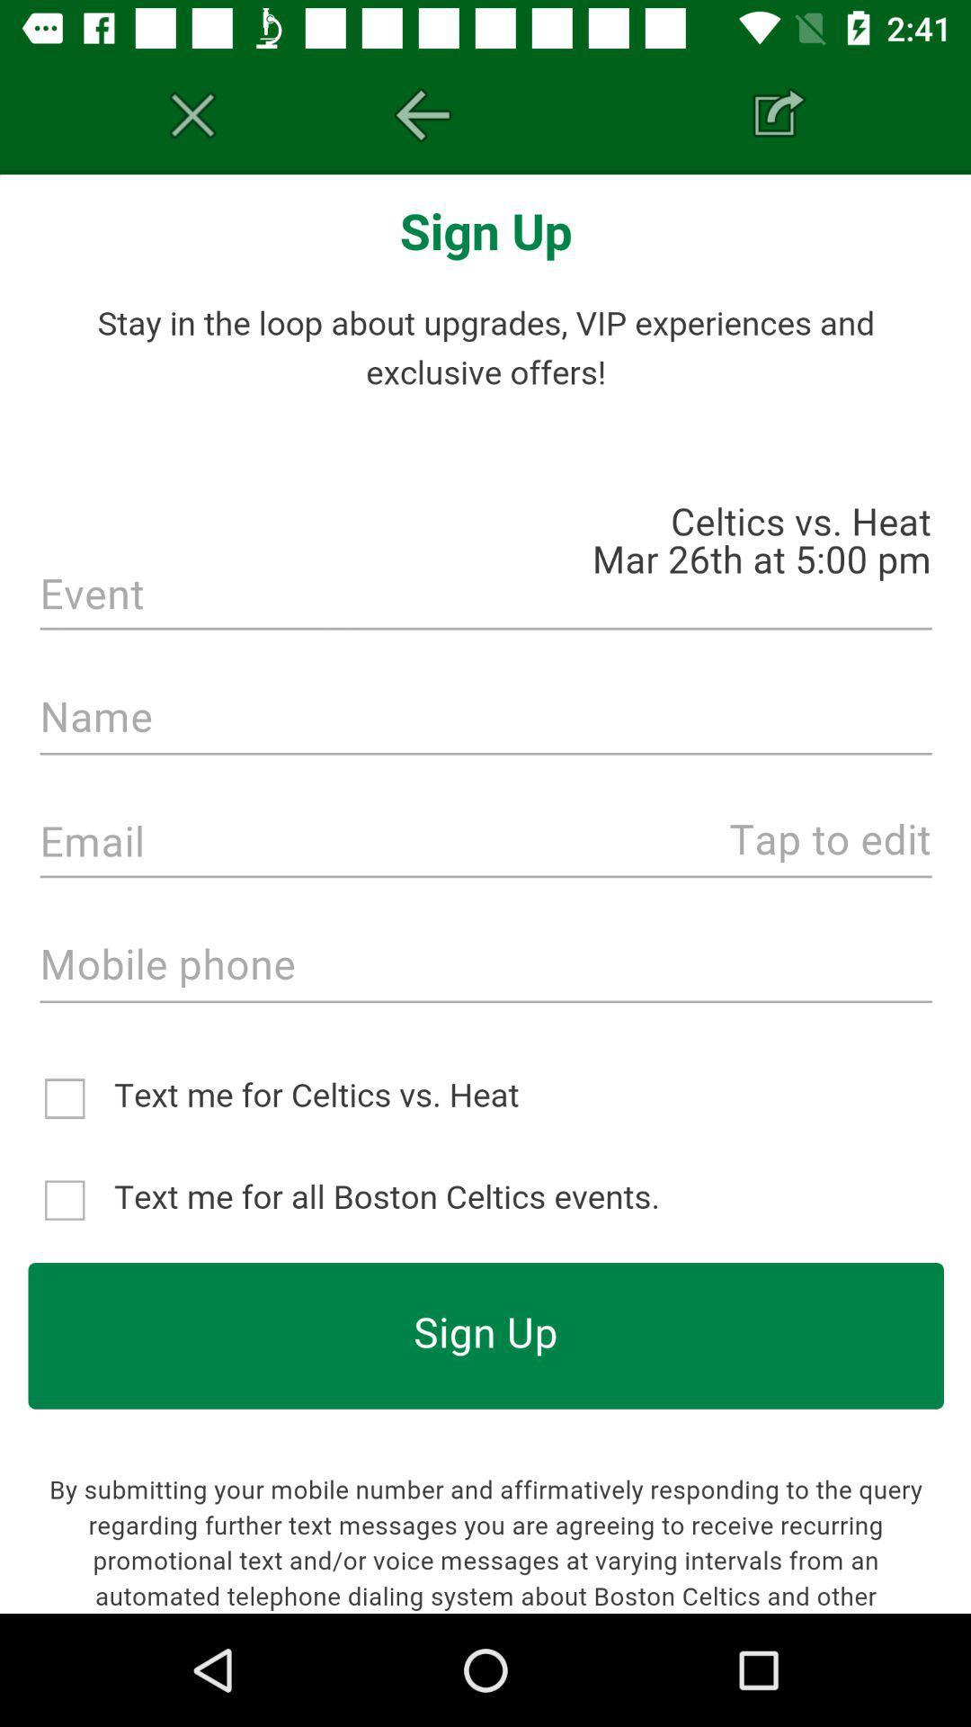  I want to click on click x icon, so click(192, 114).